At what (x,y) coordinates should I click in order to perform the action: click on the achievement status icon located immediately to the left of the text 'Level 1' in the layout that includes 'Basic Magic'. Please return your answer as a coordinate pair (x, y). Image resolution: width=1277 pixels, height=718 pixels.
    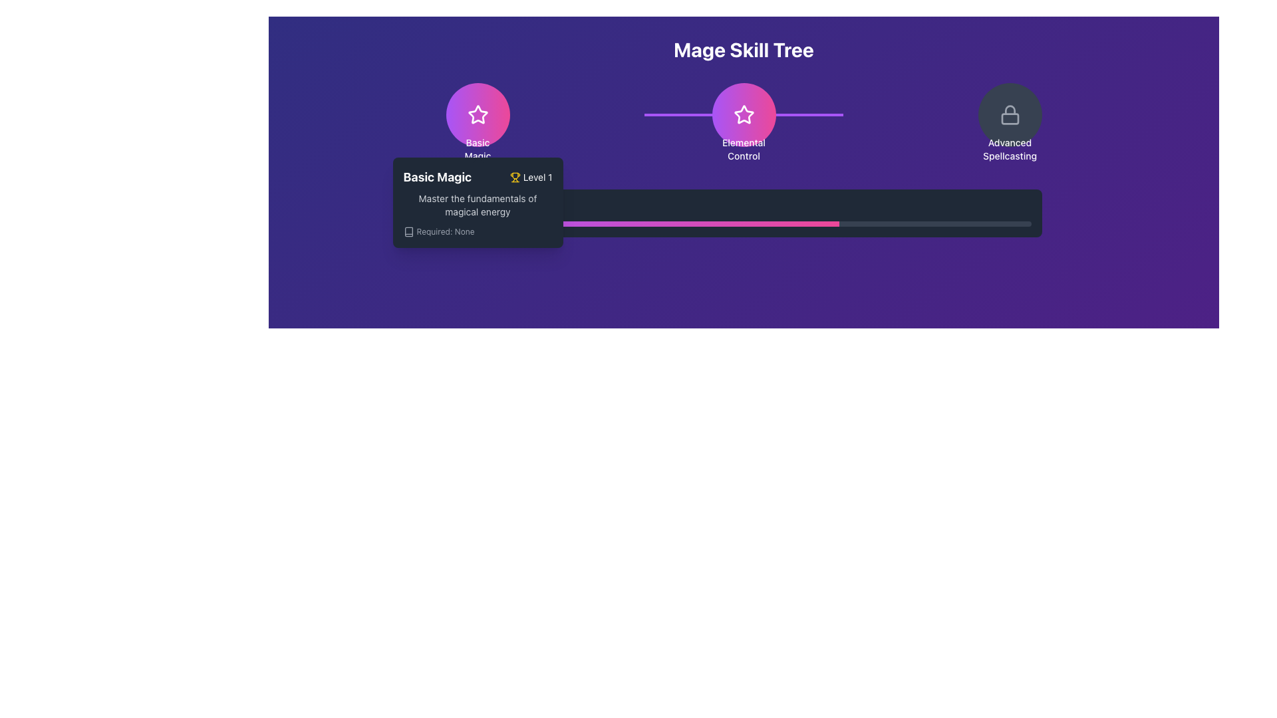
    Looking at the image, I should click on (514, 176).